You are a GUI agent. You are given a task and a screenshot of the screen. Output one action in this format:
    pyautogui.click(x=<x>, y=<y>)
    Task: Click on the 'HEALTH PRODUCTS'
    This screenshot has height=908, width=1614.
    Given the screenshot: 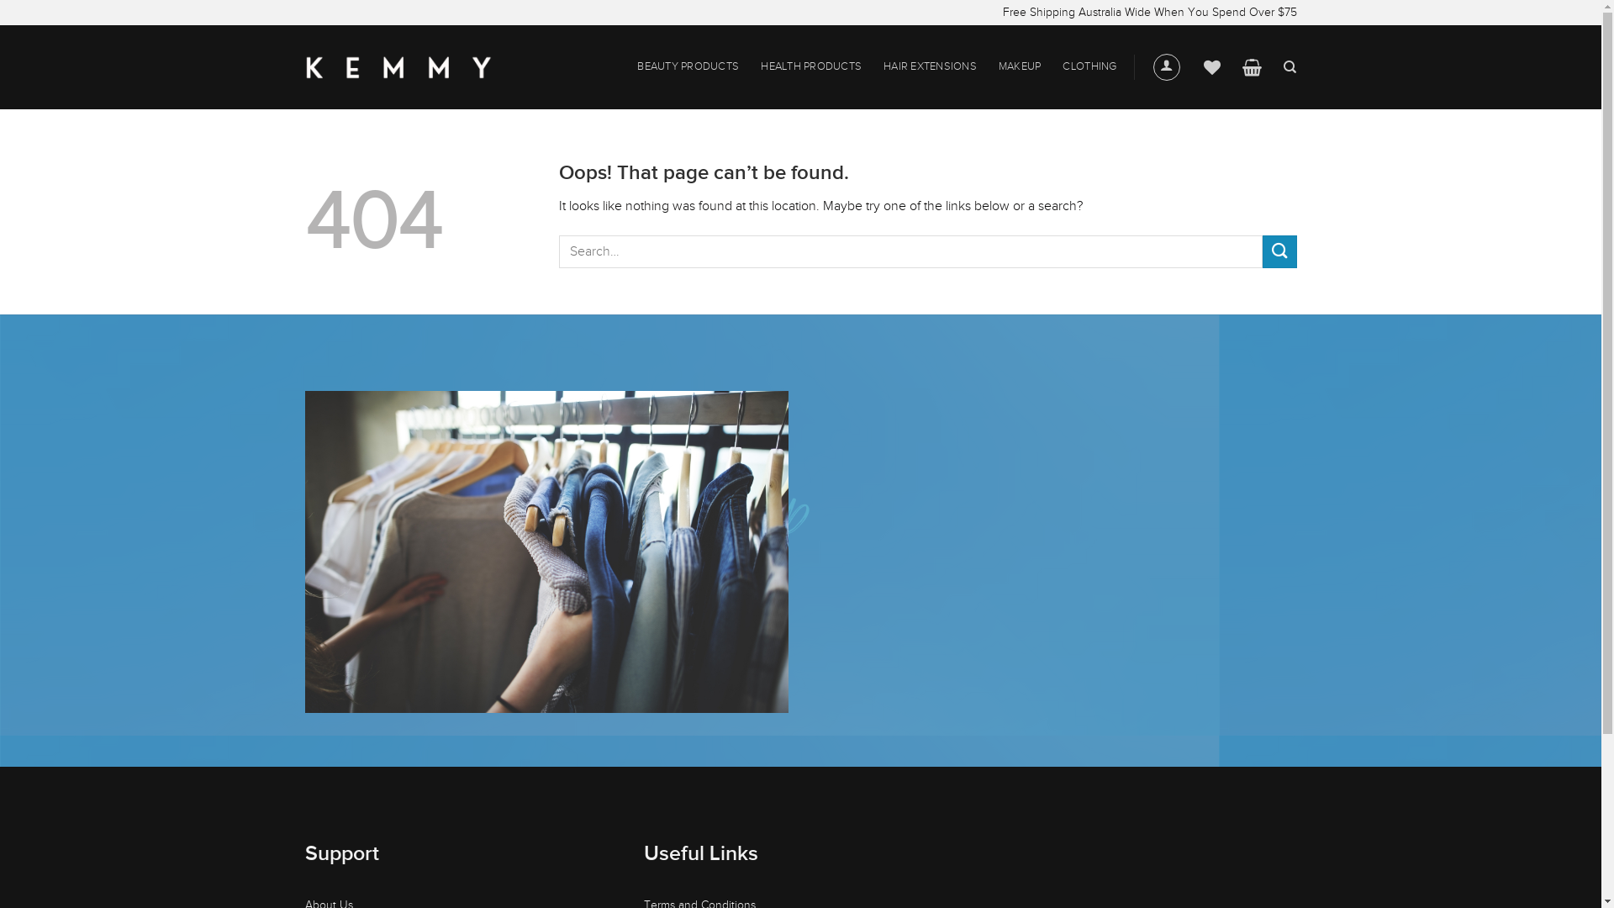 What is the action you would take?
    pyautogui.click(x=810, y=66)
    